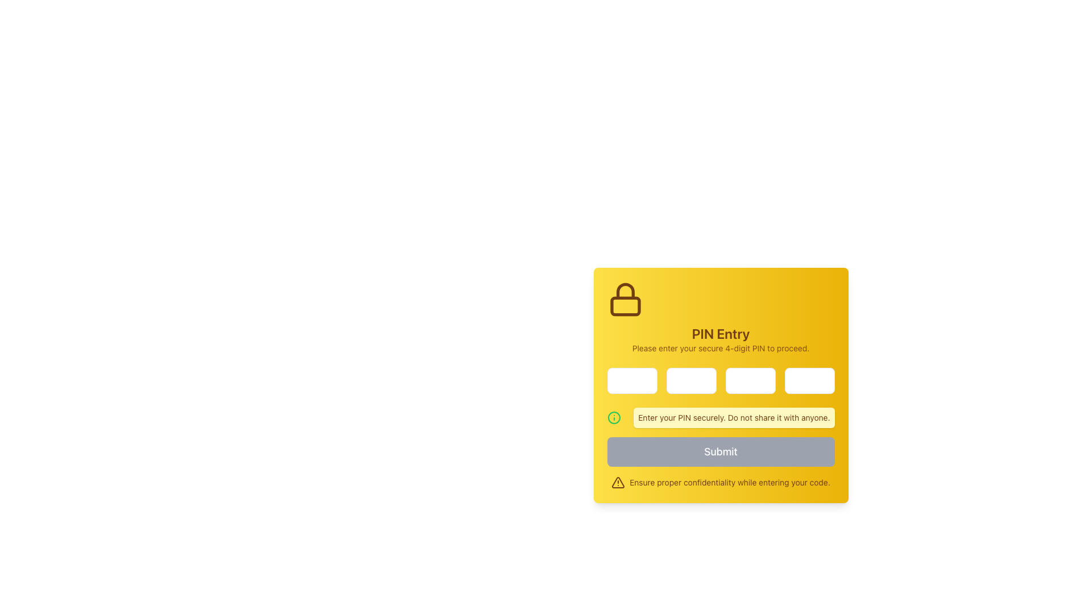  What do you see at coordinates (720, 482) in the screenshot?
I see `text displayed in the Text Display with Icon element that conveys an important warning about PIN confidentiality, located below the 'Submit' button` at bounding box center [720, 482].